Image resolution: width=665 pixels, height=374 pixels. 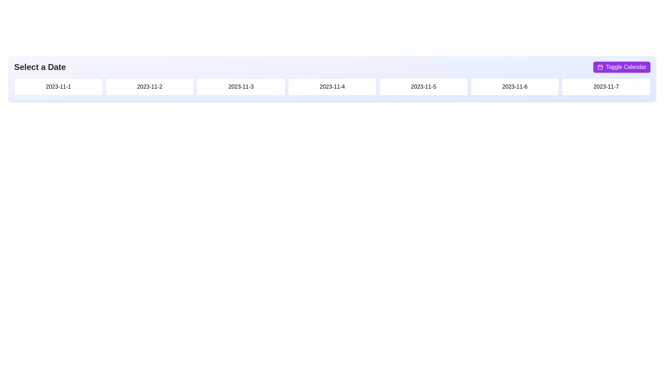 I want to click on the button labeled '2023-11-4' which has a white background, rounded corners, and changes color on hover to observe its interactive behavior, so click(x=332, y=86).